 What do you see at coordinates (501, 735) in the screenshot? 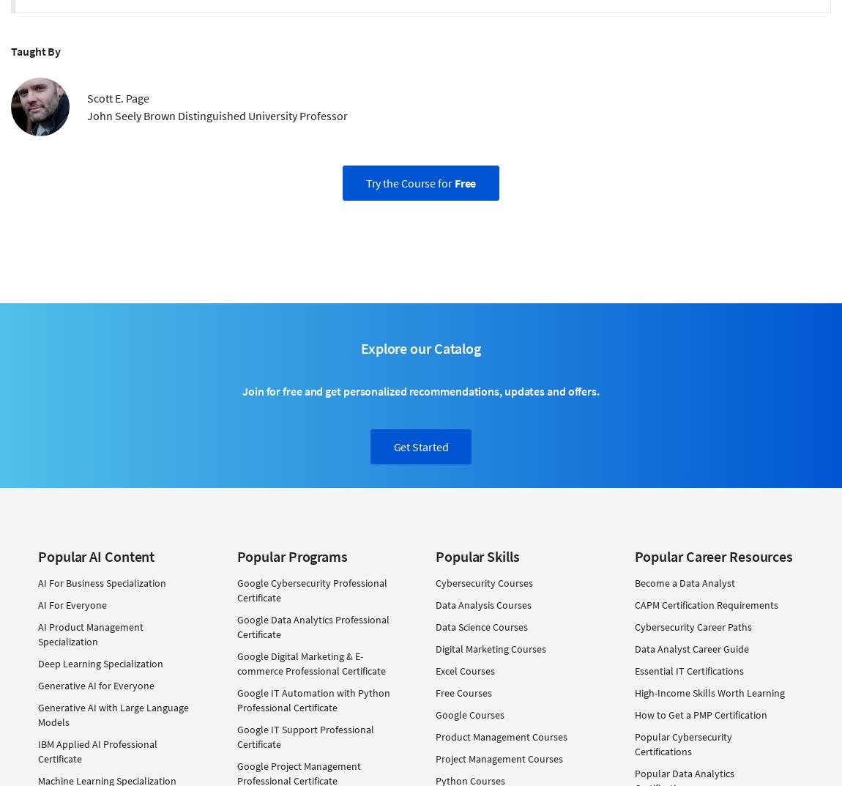
I see `'Product Management Courses'` at bounding box center [501, 735].